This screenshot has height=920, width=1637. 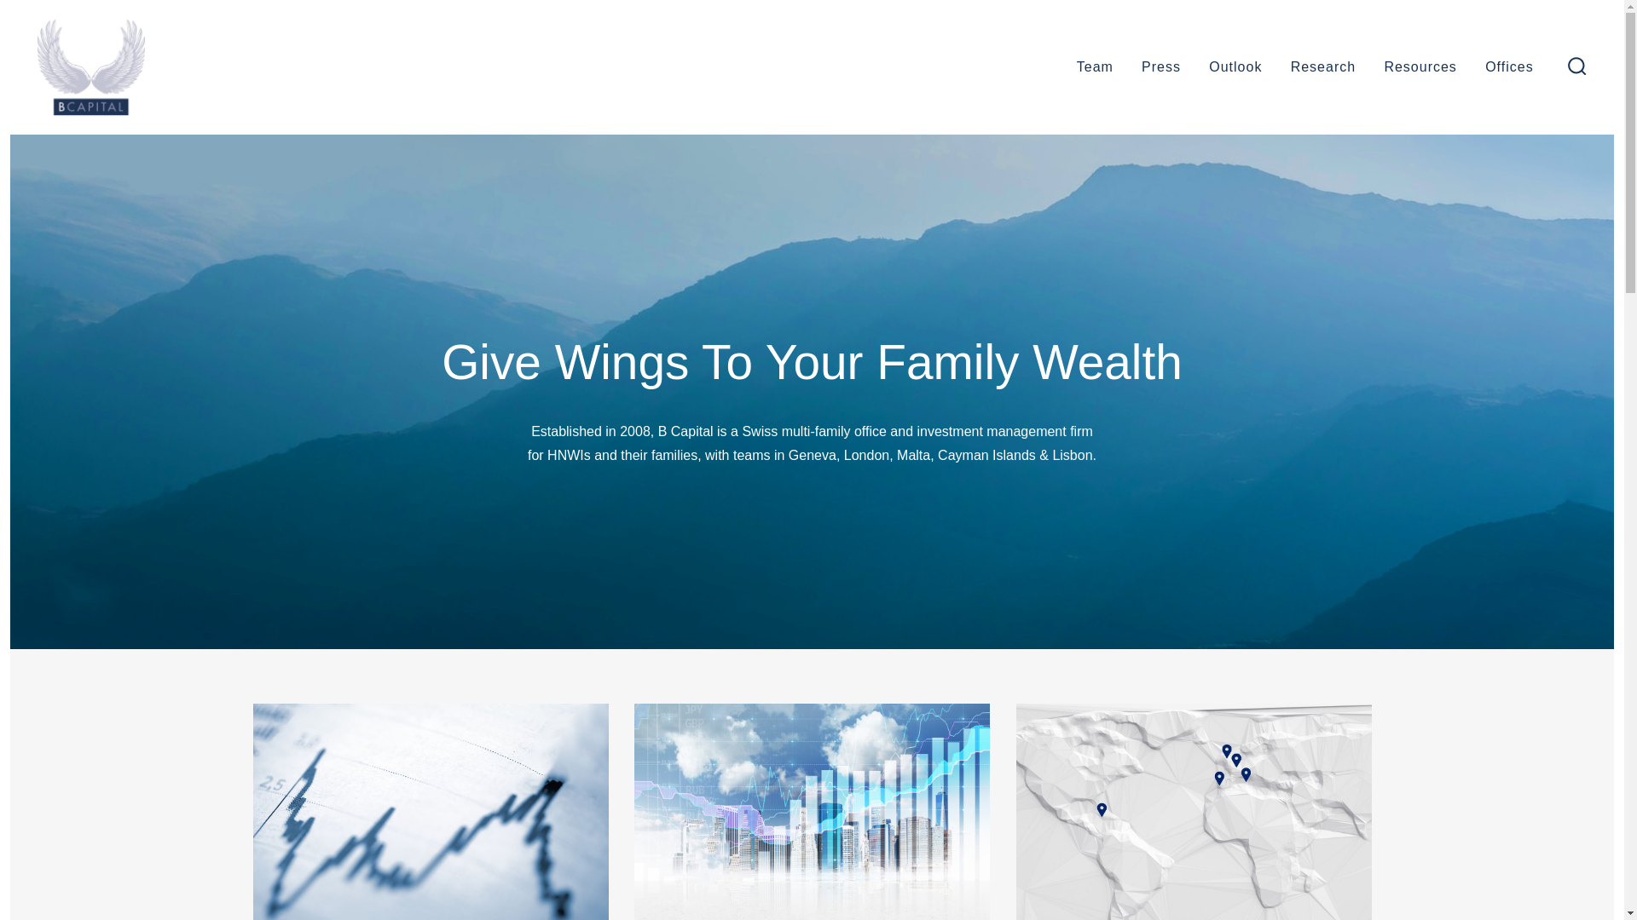 I want to click on 'Press', so click(x=1160, y=66).